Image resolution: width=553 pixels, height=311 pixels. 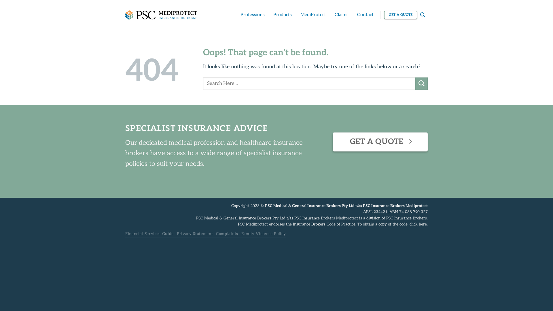 What do you see at coordinates (313, 14) in the screenshot?
I see `'MediProtect'` at bounding box center [313, 14].